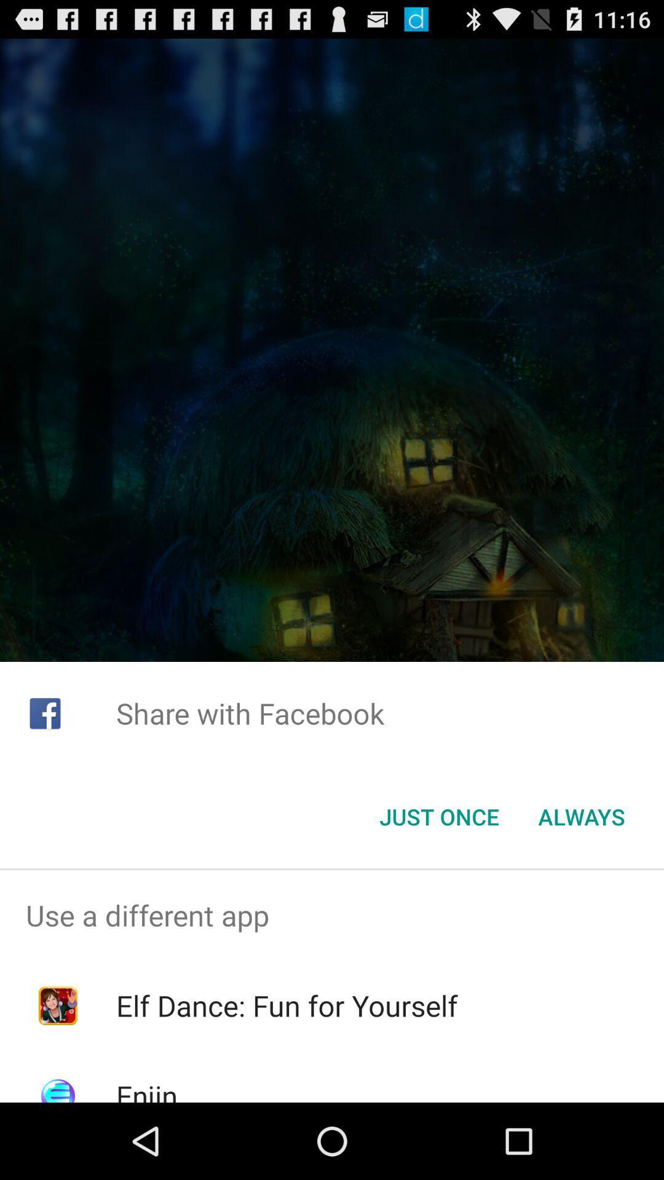 The width and height of the screenshot is (664, 1180). Describe the element at coordinates (287, 1005) in the screenshot. I see `elf dance fun` at that location.